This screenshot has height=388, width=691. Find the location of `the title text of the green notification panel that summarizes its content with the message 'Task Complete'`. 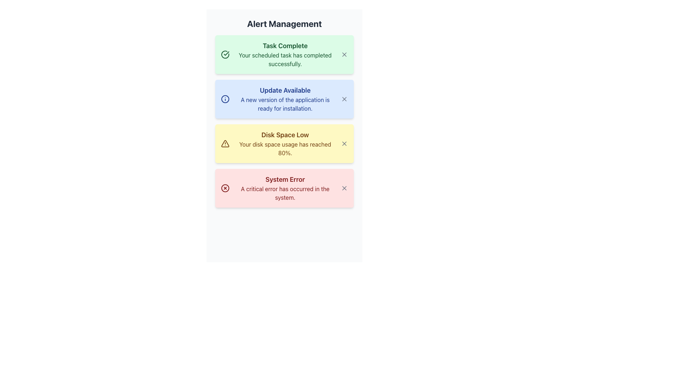

the title text of the green notification panel that summarizes its content with the message 'Task Complete' is located at coordinates (285, 46).